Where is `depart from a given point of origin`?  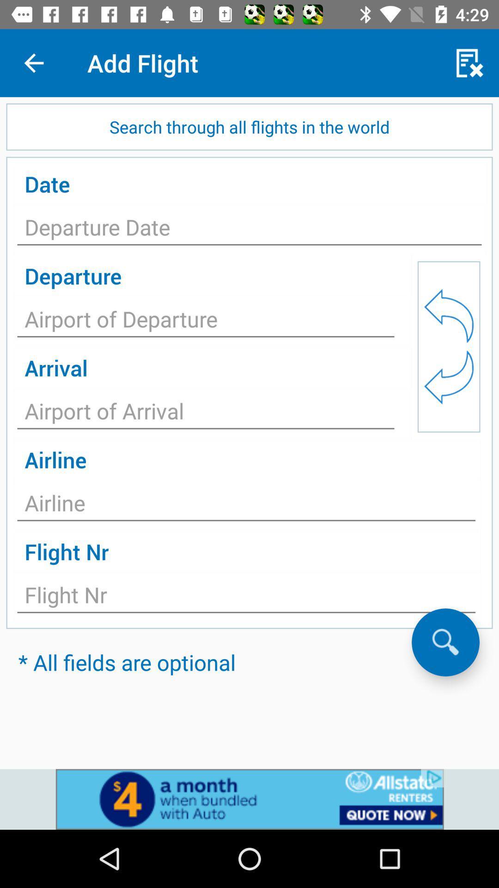
depart from a given point of origin is located at coordinates (205, 322).